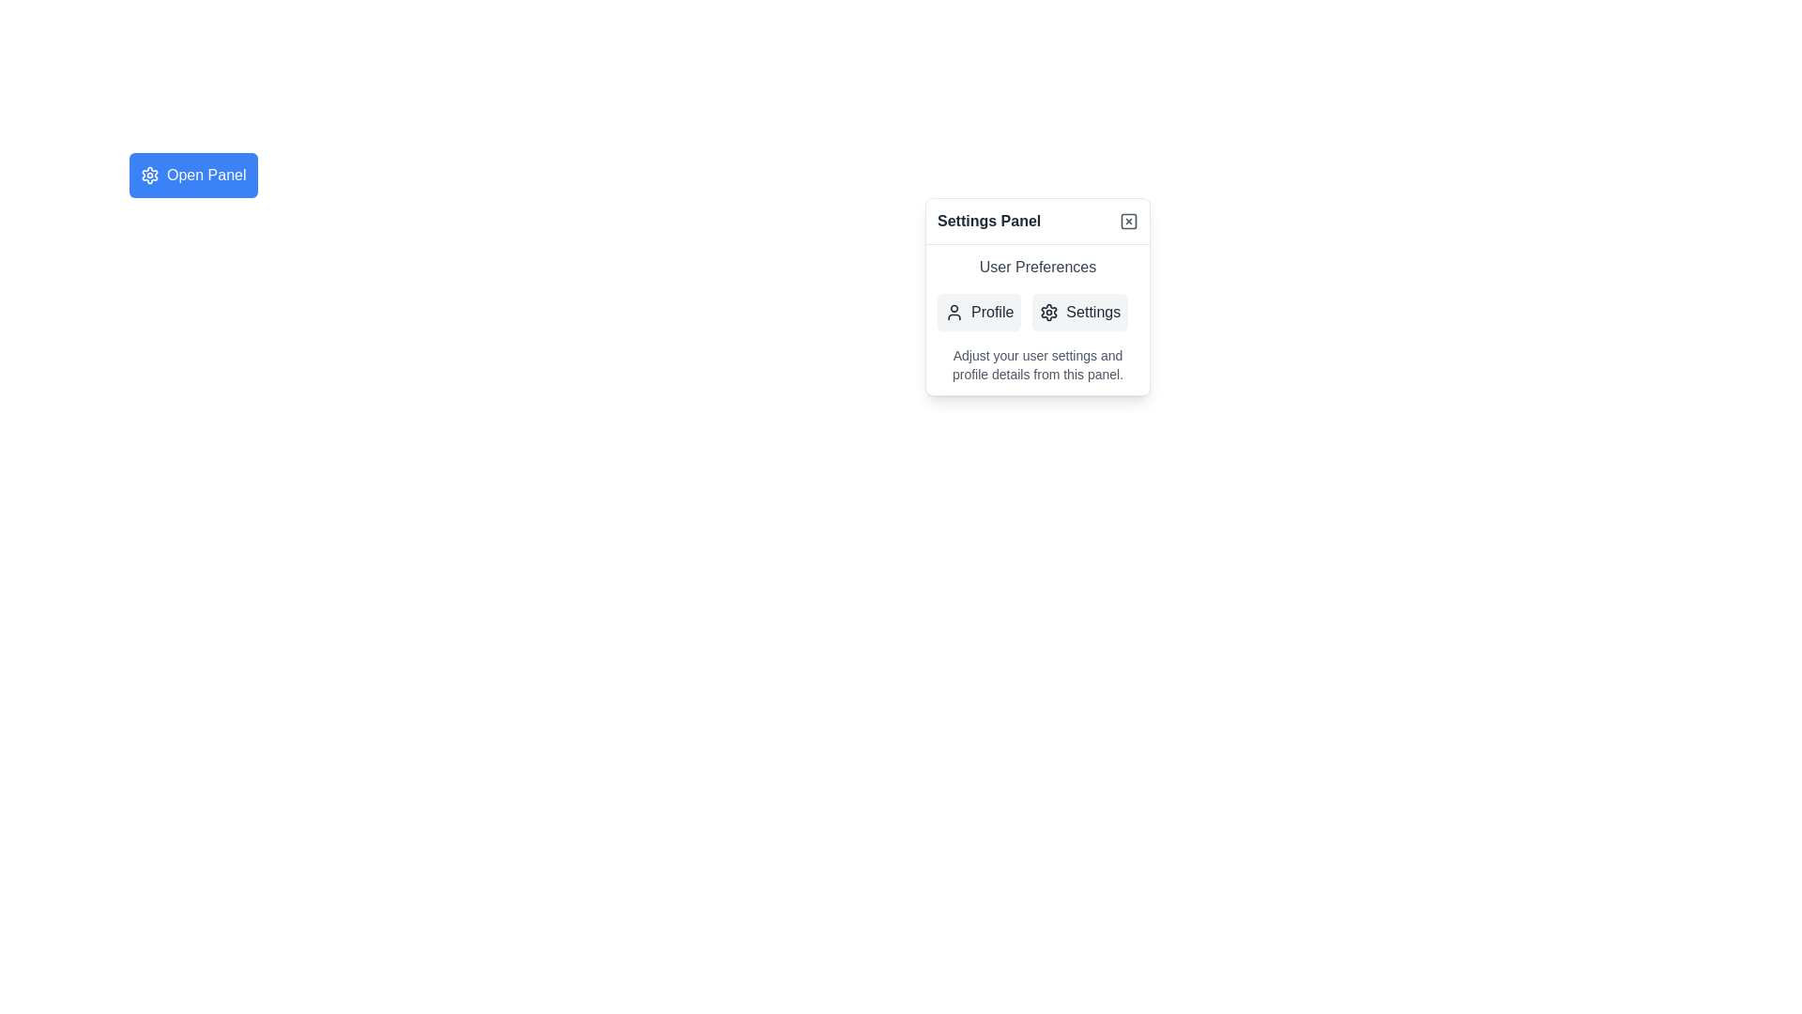 The width and height of the screenshot is (1802, 1014). What do you see at coordinates (1036, 268) in the screenshot?
I see `the 'User Preferences' section header text label located in the middle of the 'Settings Panel' interface, positioned below the 'Settings Panel' header and above the 'Profile' and 'Settings' buttons` at bounding box center [1036, 268].